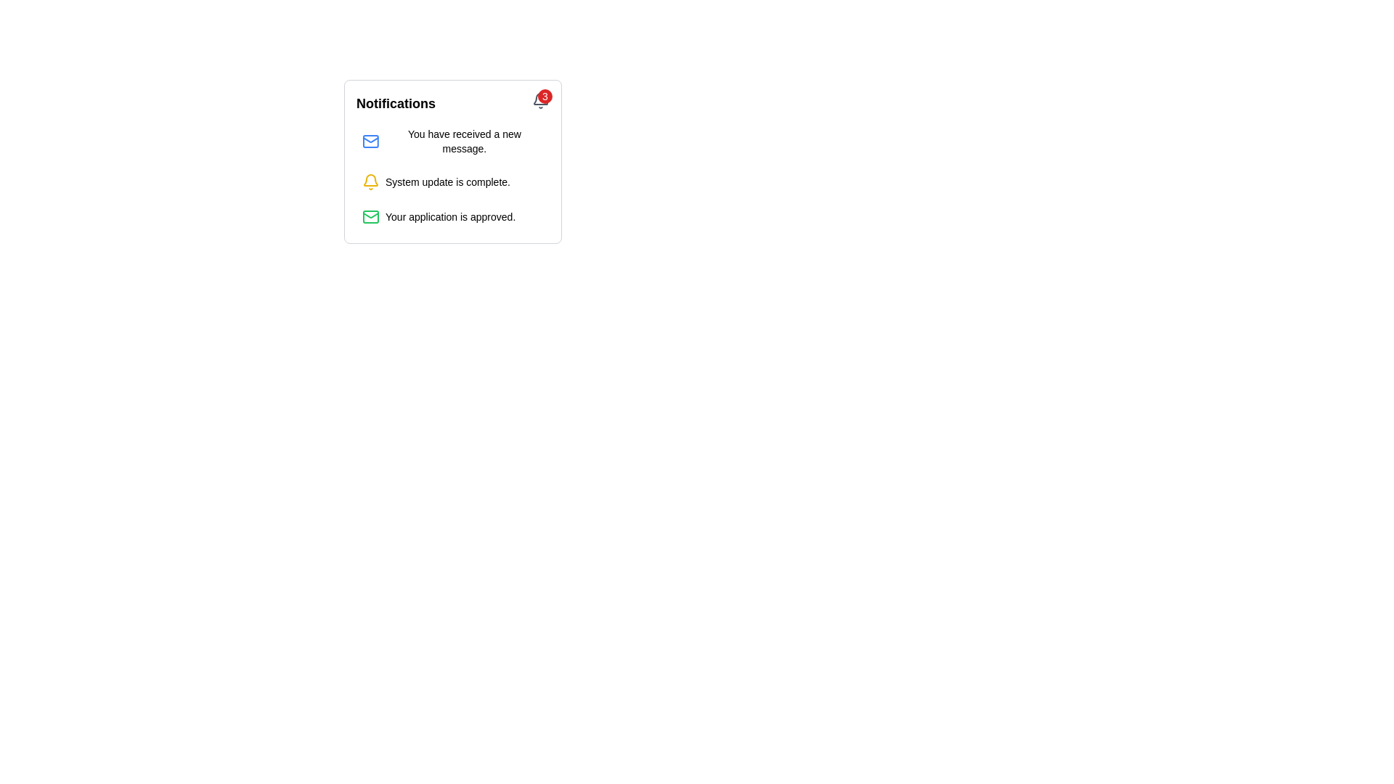 The height and width of the screenshot is (784, 1394). I want to click on the gray bell icon with a red badge showing '3' in the Notifications Header, so click(452, 102).